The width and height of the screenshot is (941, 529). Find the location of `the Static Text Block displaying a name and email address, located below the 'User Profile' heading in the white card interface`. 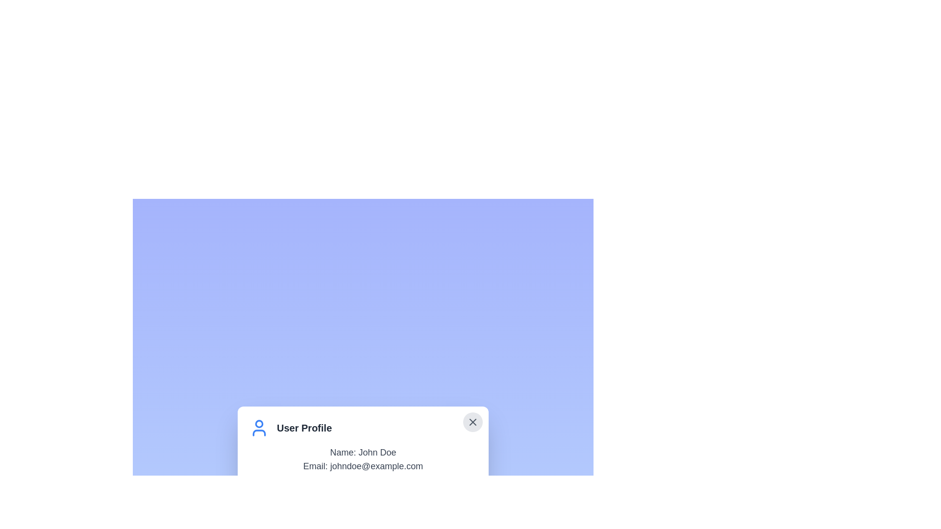

the Static Text Block displaying a name and email address, located below the 'User Profile' heading in the white card interface is located at coordinates (362, 459).